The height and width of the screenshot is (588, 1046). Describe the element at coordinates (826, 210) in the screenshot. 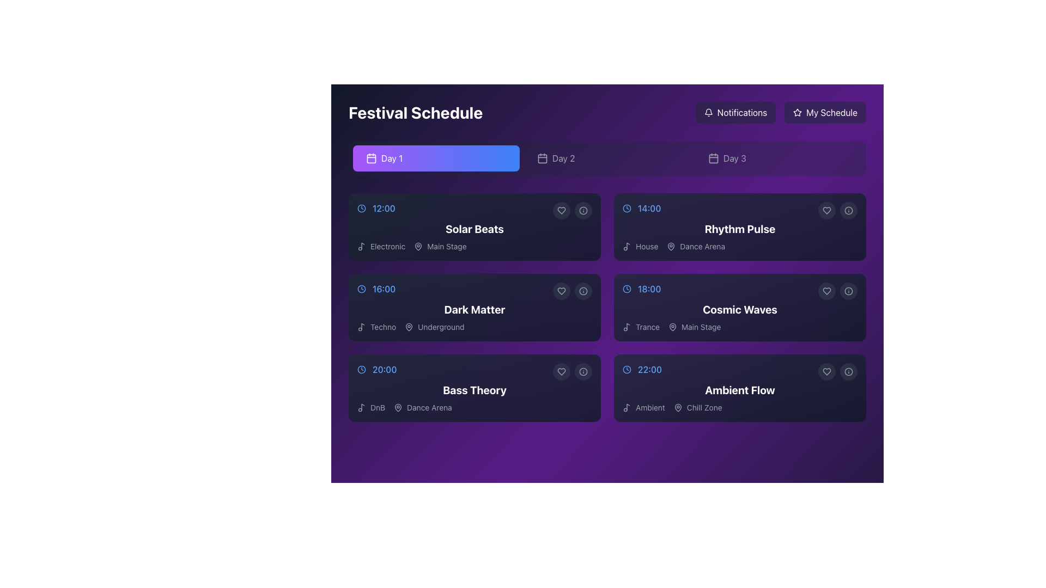

I see `the heart-shaped icon located next to the 'Rhythm Pulse' schedule entry` at that location.